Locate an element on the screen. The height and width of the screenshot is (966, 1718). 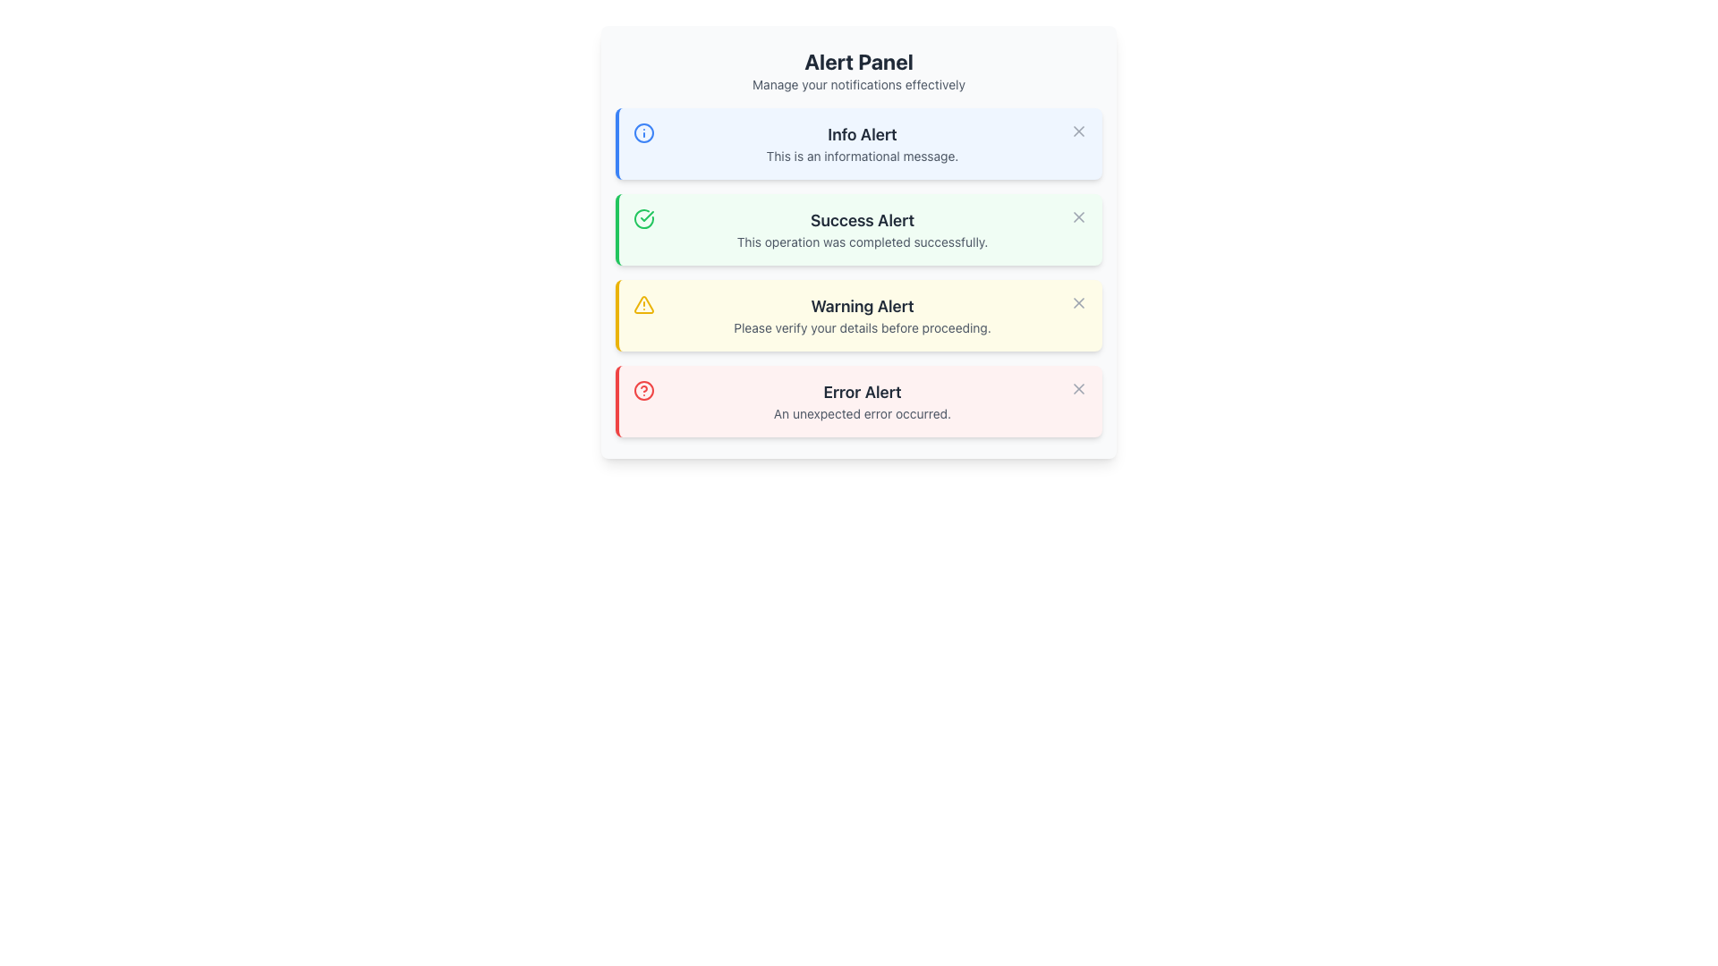
the static text block titled 'Alert Panel' which features a bold title and a subtitle for managing notifications, located at the top of the layout is located at coordinates (859, 69).